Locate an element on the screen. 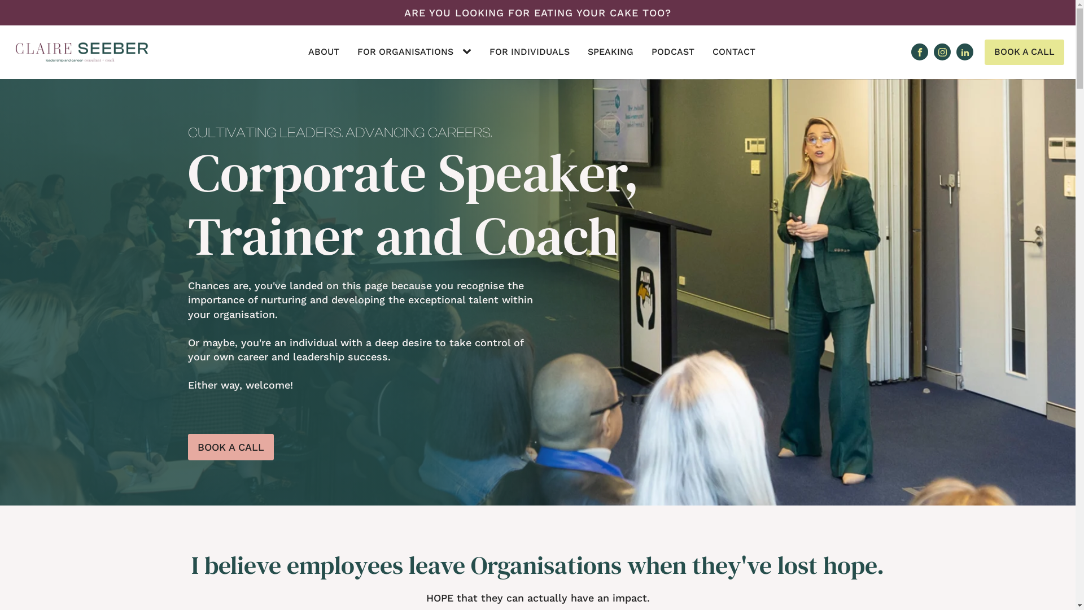 The width and height of the screenshot is (1084, 610). 'FOR ORGANISATIONS' is located at coordinates (405, 52).